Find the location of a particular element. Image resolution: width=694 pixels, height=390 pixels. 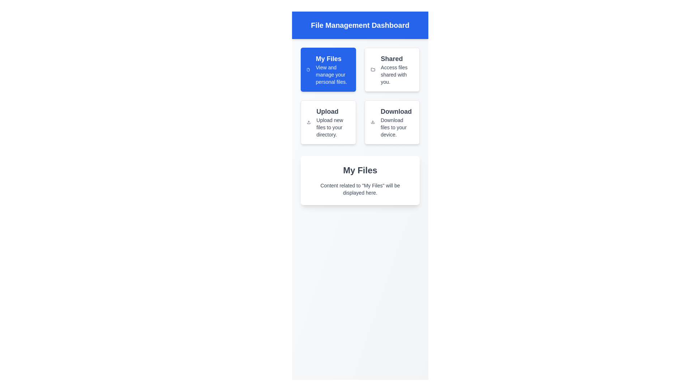

the Text Label that indicates the purpose of the card related to shared files, located at the top row, second column of the grid layout is located at coordinates (397, 58).